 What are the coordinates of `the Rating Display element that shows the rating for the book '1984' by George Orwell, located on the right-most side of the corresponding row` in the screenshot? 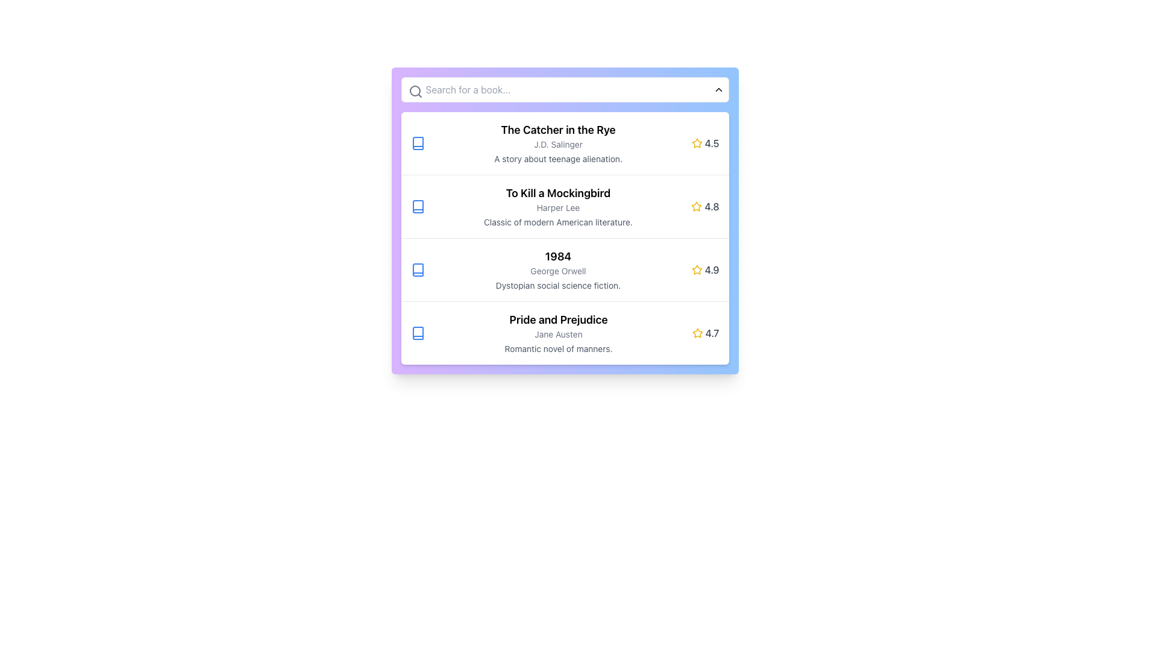 It's located at (705, 269).